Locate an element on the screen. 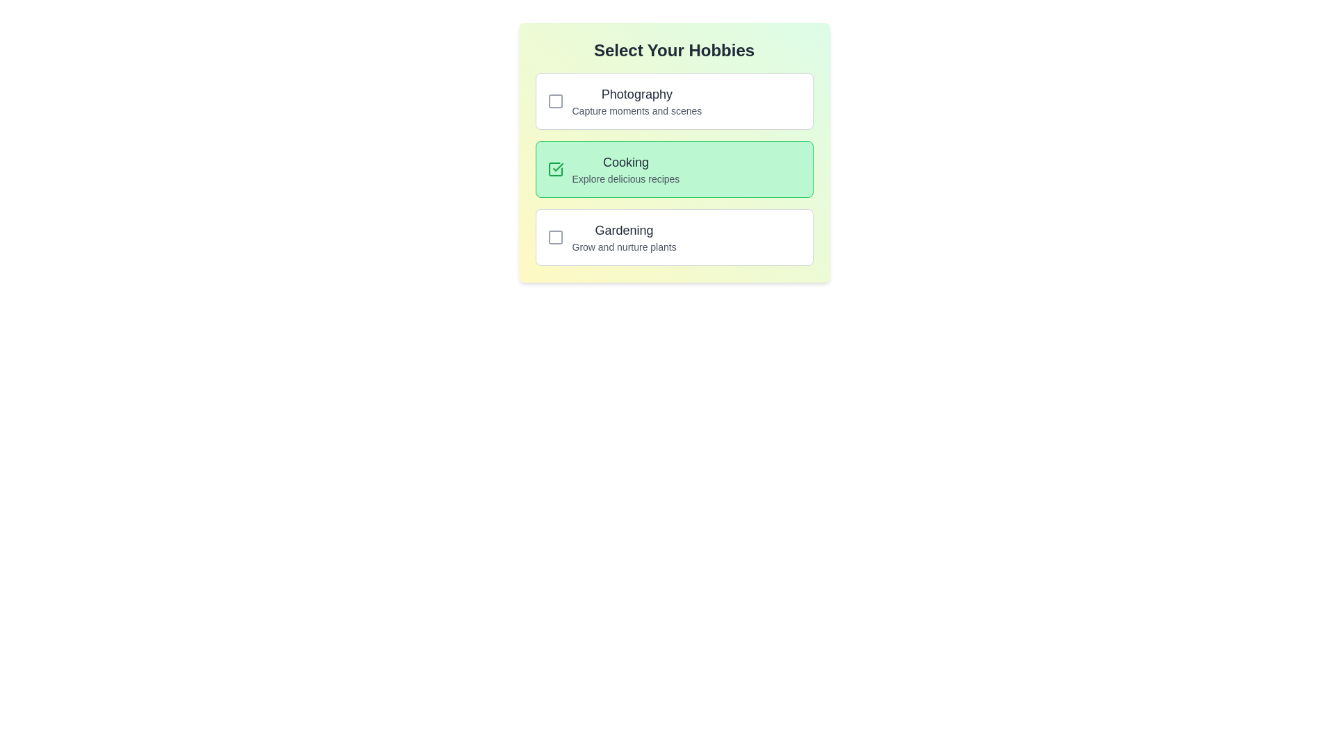 The image size is (1334, 750). the text label displaying 'Photography' and 'Capture moments and scenes' in the first section of the list under 'Select Your Hobbies' is located at coordinates (636, 101).